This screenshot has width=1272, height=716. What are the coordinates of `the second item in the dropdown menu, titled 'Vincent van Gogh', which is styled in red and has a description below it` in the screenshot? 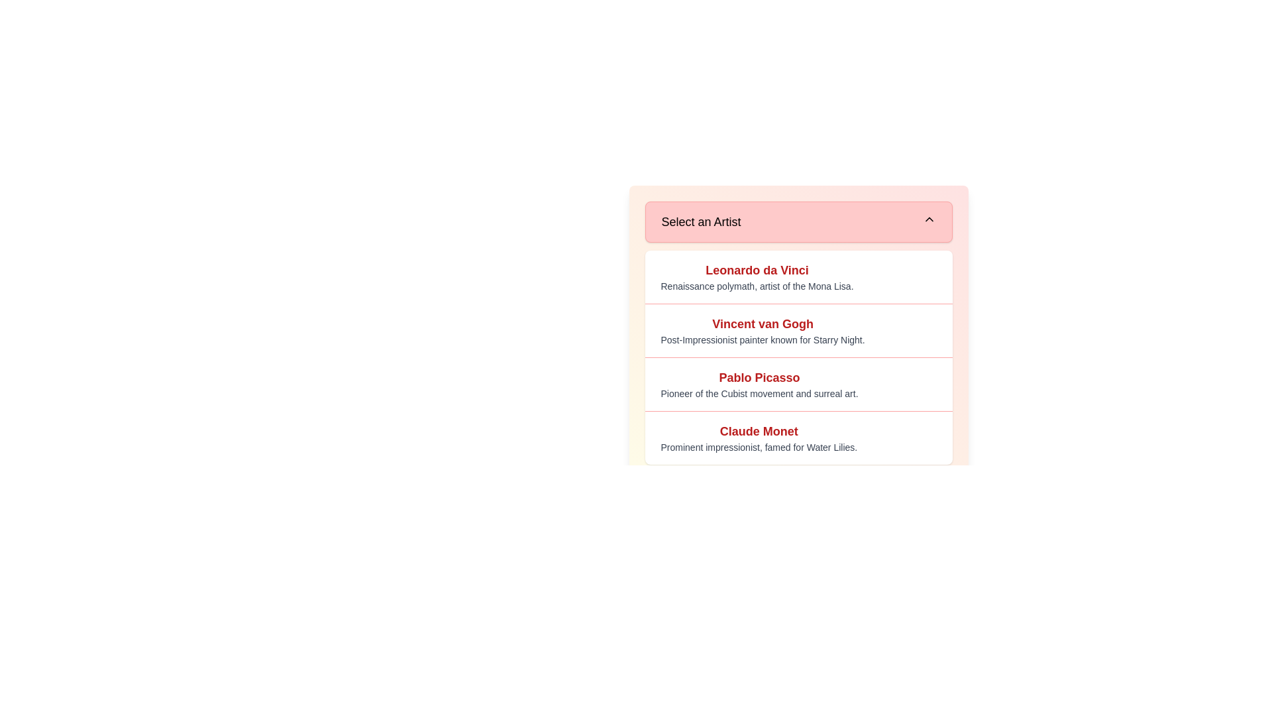 It's located at (798, 304).